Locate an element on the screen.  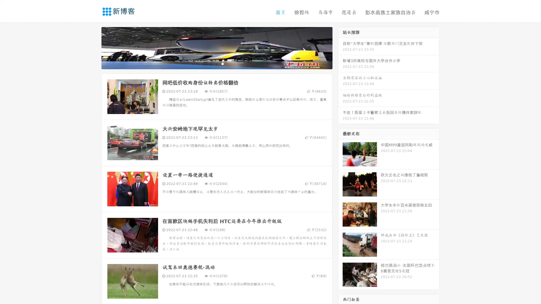
Next slide is located at coordinates (340, 47).